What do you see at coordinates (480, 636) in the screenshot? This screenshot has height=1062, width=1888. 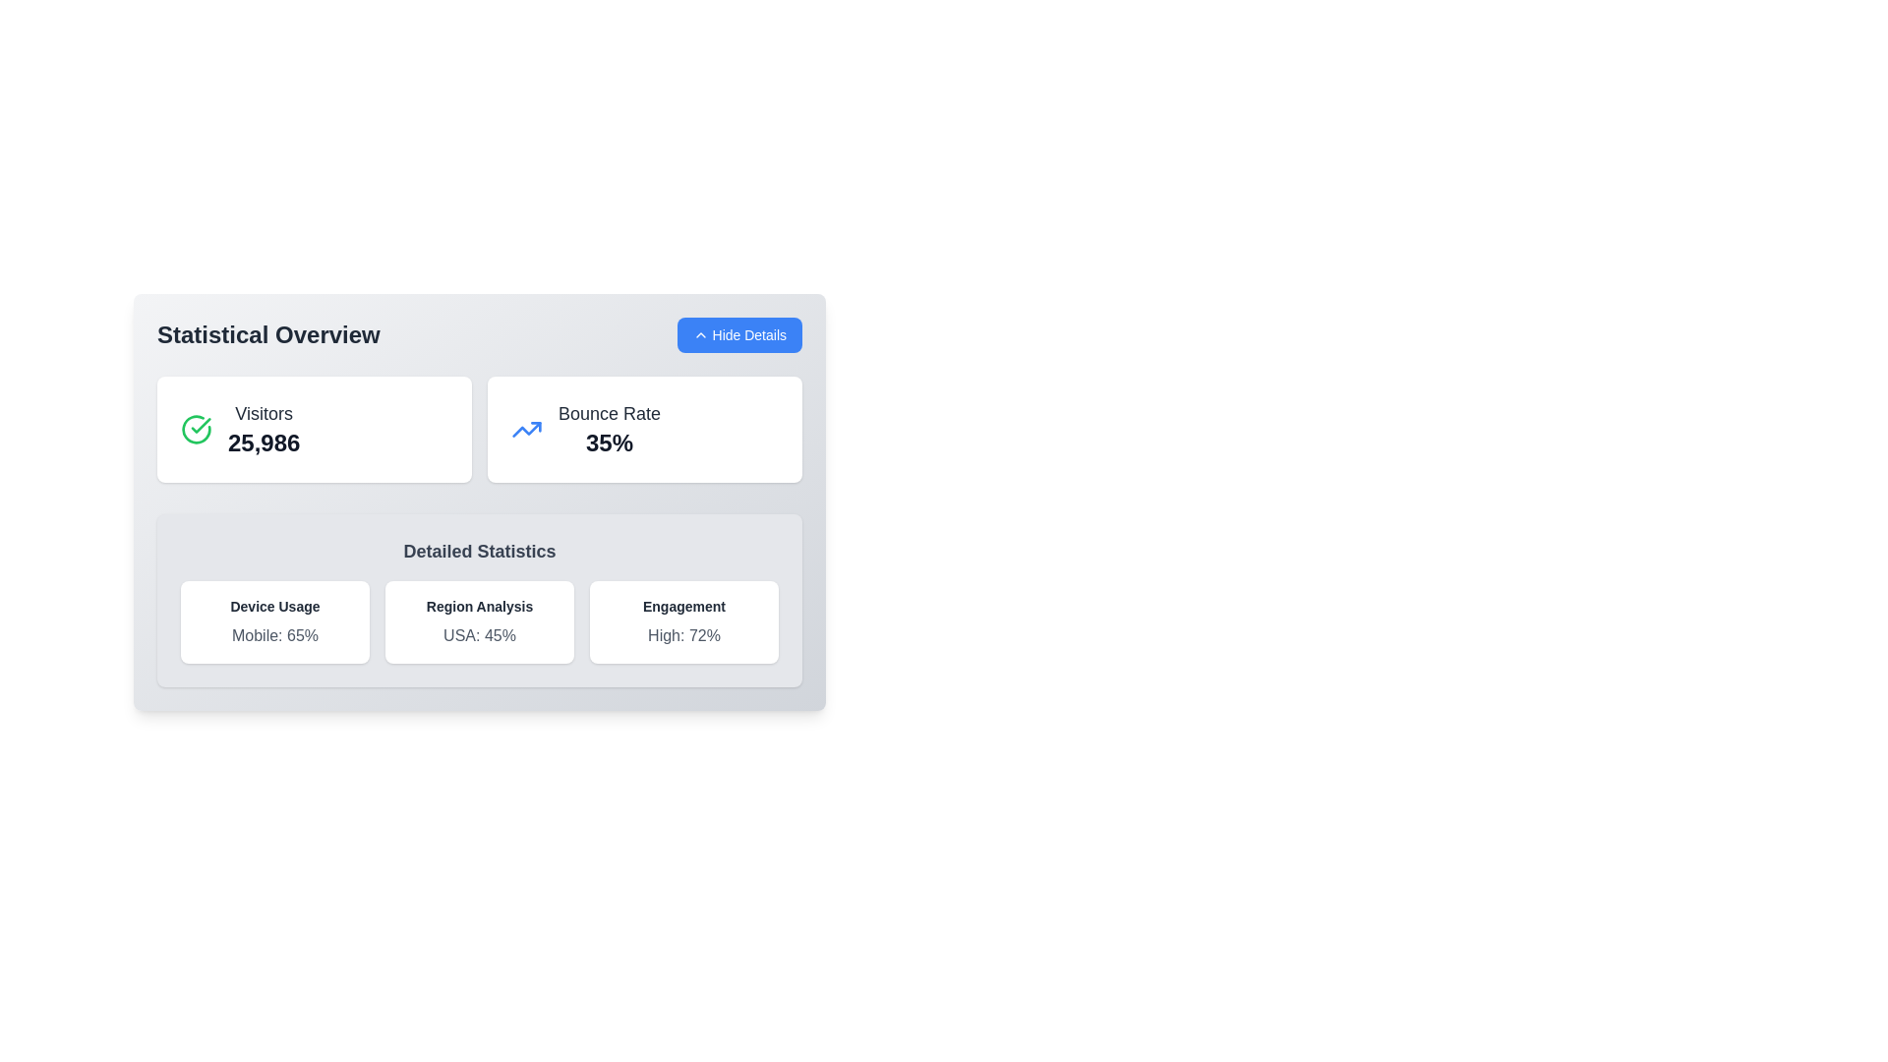 I see `the Text Label displaying 'USA: 45%' located in the lower section of the 'Region Analysis' card, positioned centrally among three primary cards` at bounding box center [480, 636].